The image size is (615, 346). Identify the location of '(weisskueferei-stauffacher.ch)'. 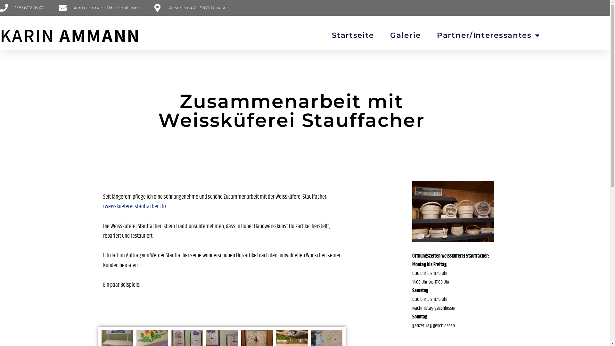
(134, 206).